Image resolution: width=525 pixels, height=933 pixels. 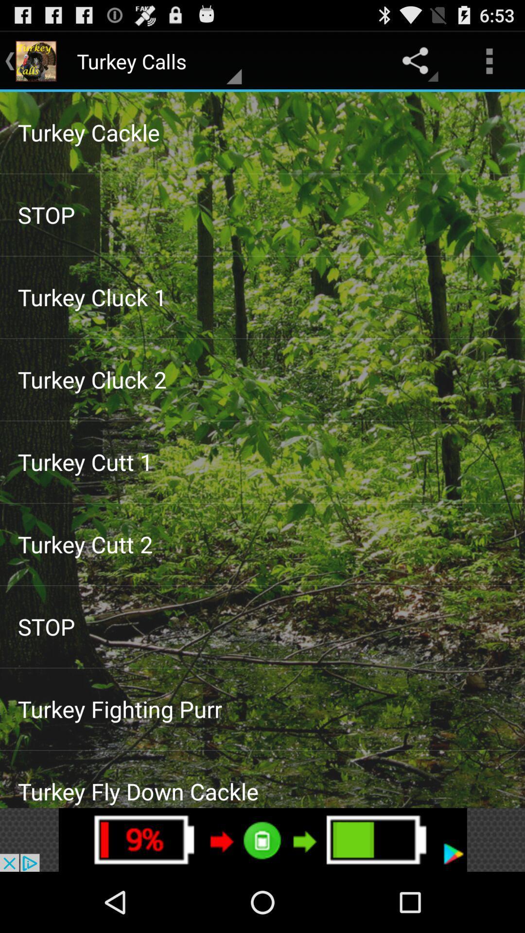 I want to click on share the article, so click(x=262, y=839).